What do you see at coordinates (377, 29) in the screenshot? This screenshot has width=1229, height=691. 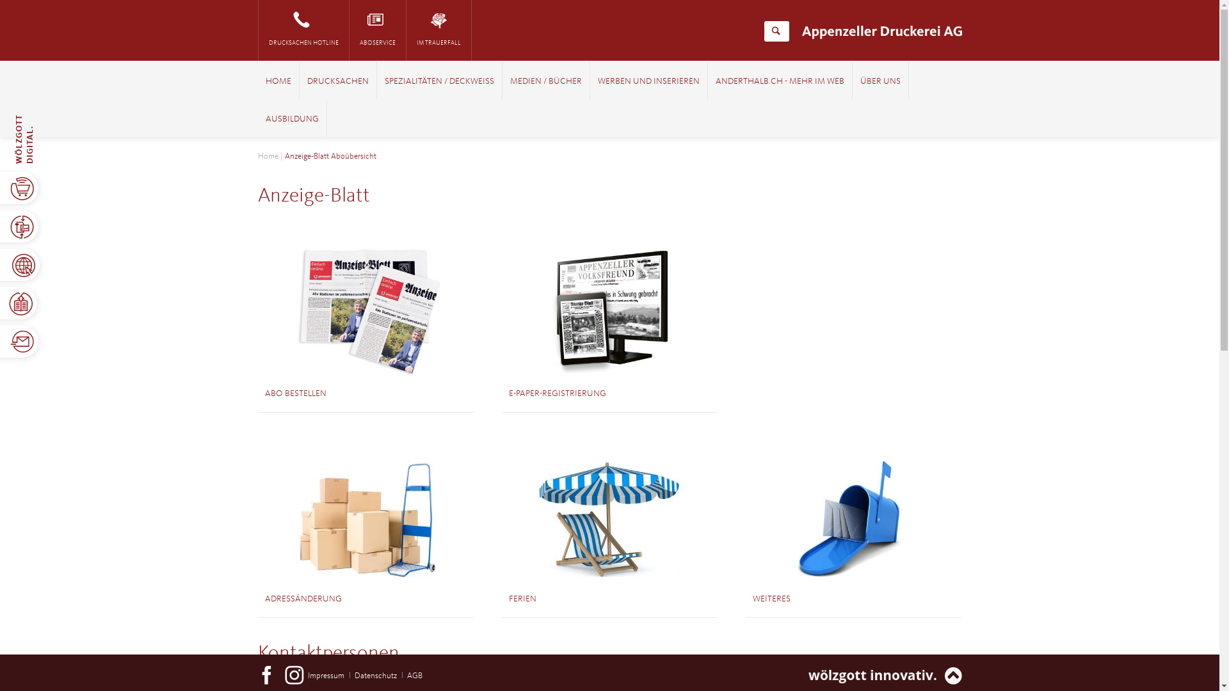 I see `'ABOSERVICE'` at bounding box center [377, 29].